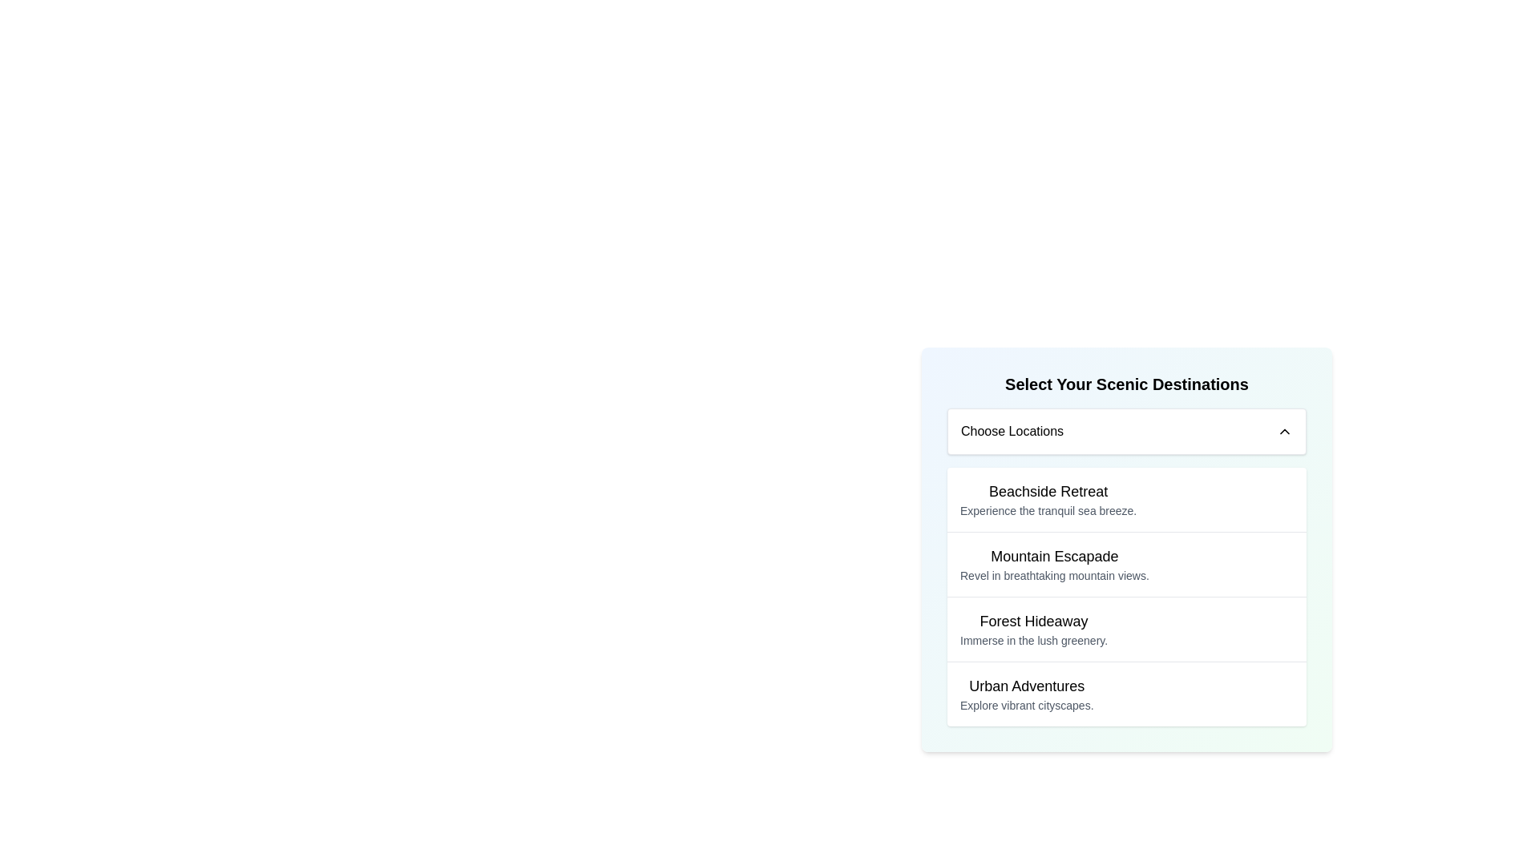  Describe the element at coordinates (1027, 704) in the screenshot. I see `the text snippet that reads 'Explore vibrant cityscapes.' located below 'Urban Adventures' in the dropdown menu 'Select Your Scenic Destinations'` at that location.